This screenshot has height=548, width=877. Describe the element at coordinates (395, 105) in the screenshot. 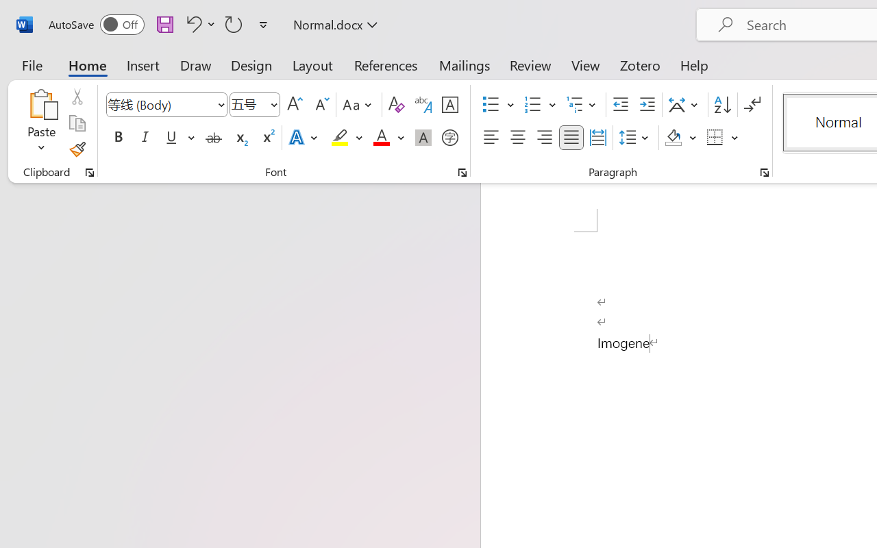

I see `'Clear Formatting'` at that location.